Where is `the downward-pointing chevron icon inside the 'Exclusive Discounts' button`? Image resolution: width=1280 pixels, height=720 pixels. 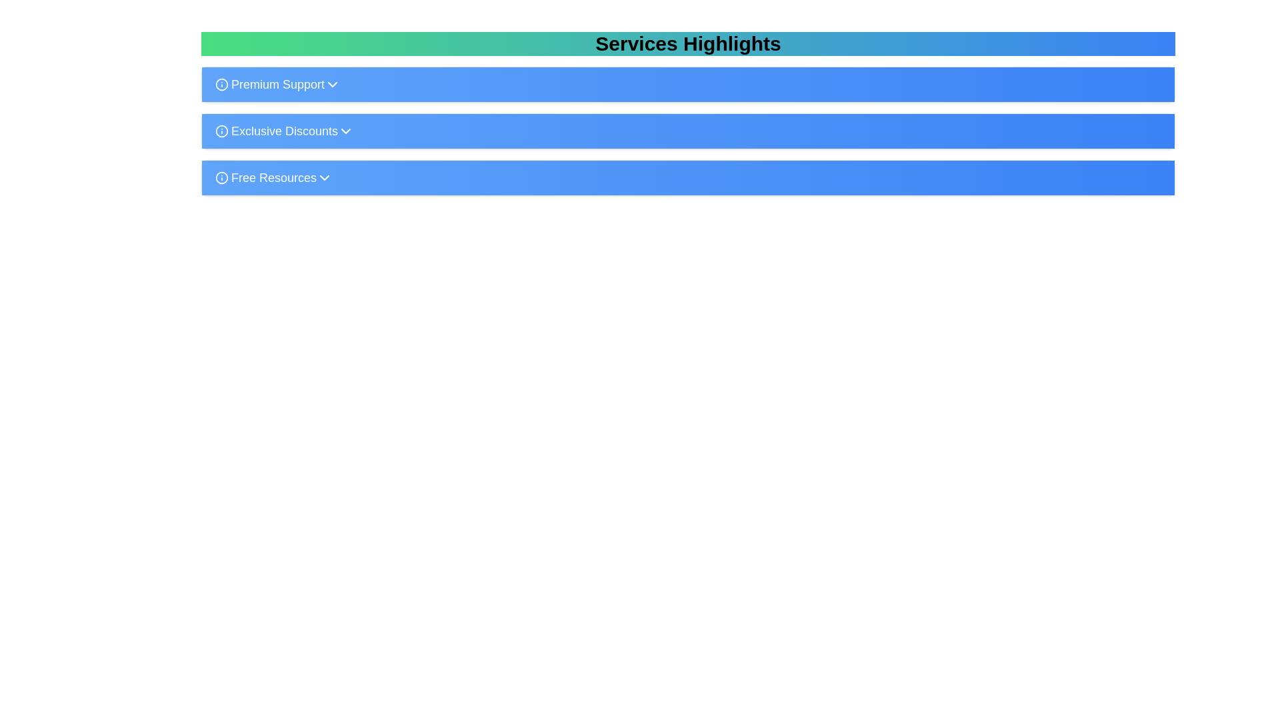
the downward-pointing chevron icon inside the 'Exclusive Discounts' button is located at coordinates (345, 131).